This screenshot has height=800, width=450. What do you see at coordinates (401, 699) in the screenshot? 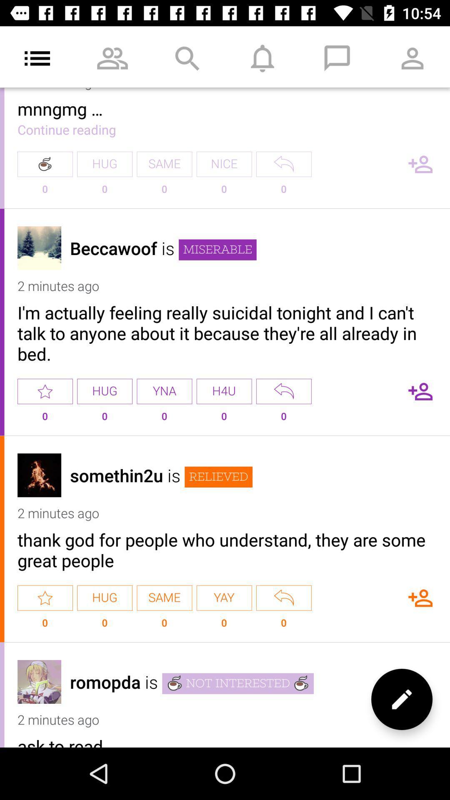
I see `the edit option` at bounding box center [401, 699].